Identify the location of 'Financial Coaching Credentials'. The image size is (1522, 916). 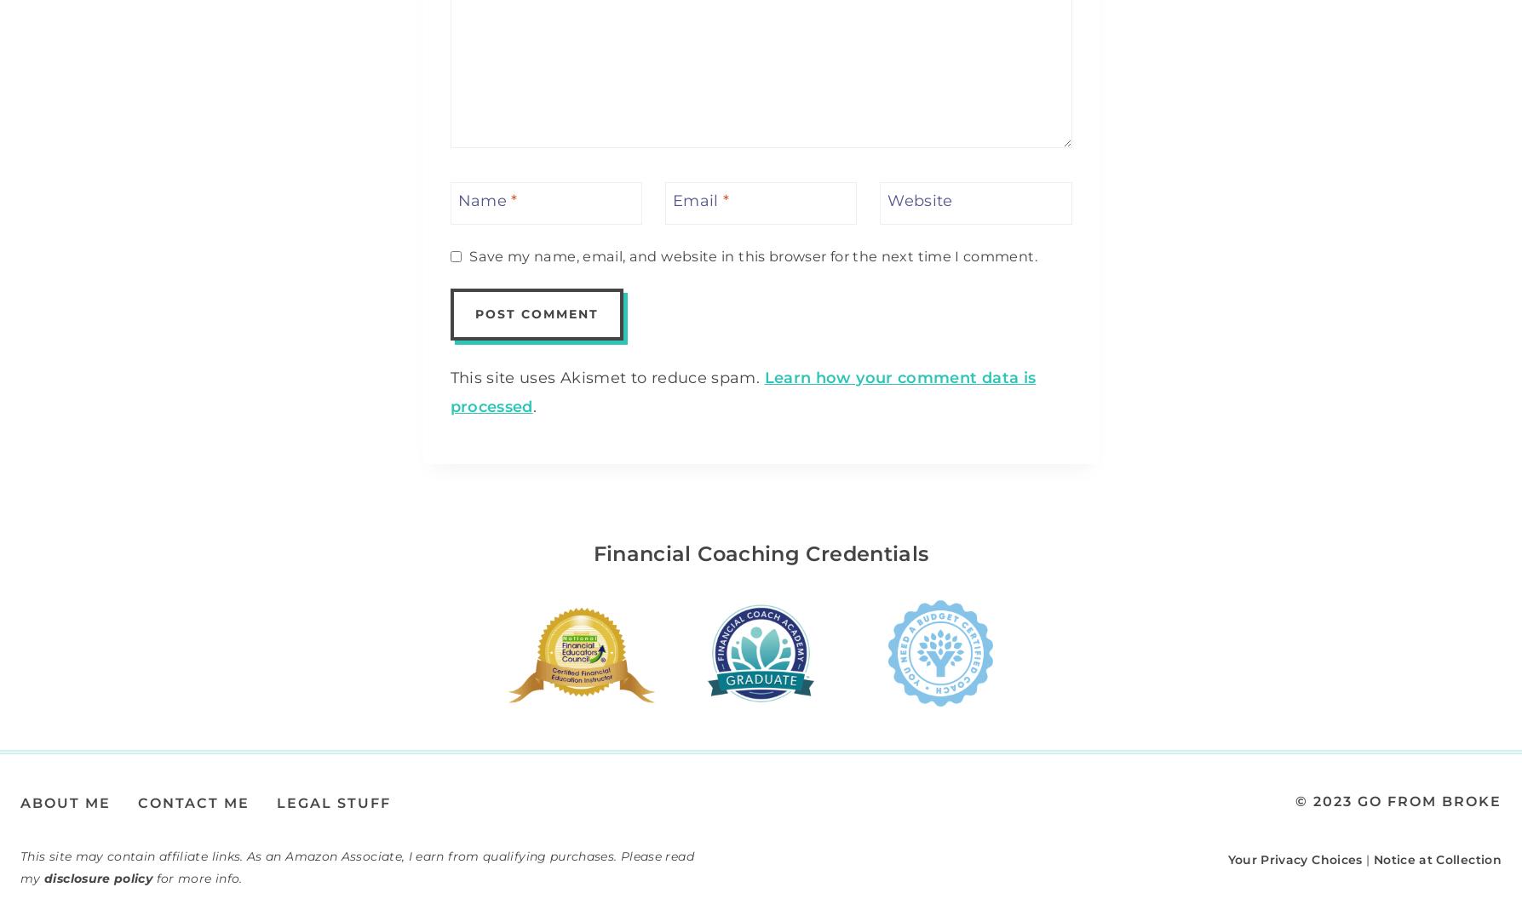
(760, 552).